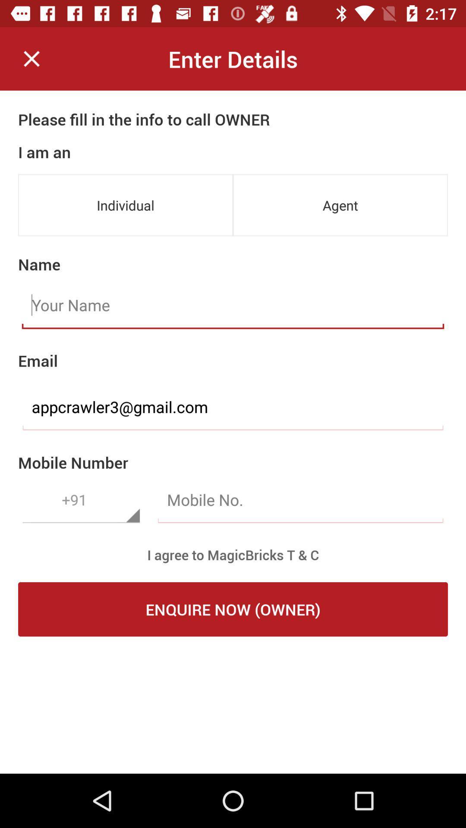 The image size is (466, 828). What do you see at coordinates (233, 608) in the screenshot?
I see `the item below the i agree to` at bounding box center [233, 608].